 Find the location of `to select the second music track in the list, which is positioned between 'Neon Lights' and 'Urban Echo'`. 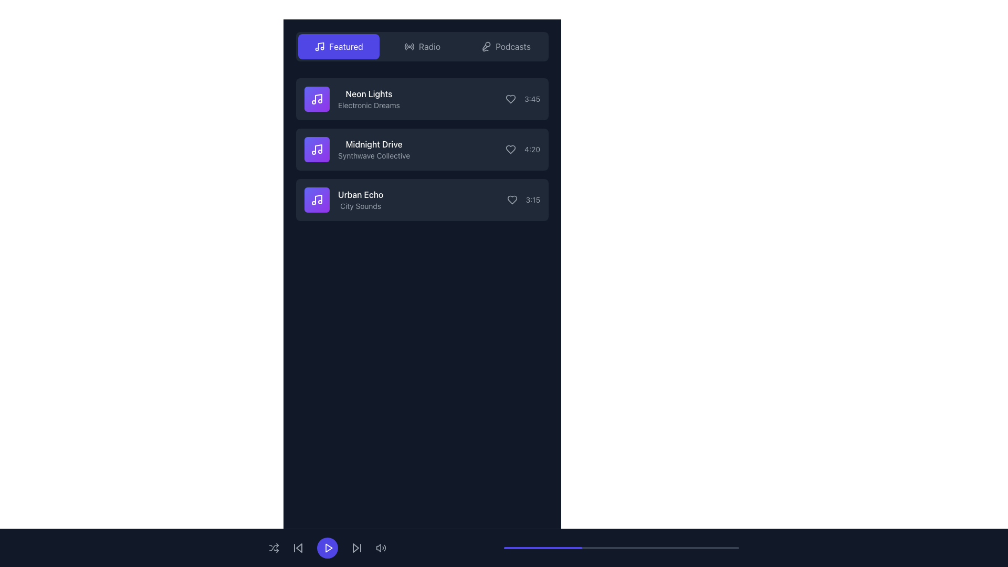

to select the second music track in the list, which is positioned between 'Neon Lights' and 'Urban Echo' is located at coordinates (422, 150).